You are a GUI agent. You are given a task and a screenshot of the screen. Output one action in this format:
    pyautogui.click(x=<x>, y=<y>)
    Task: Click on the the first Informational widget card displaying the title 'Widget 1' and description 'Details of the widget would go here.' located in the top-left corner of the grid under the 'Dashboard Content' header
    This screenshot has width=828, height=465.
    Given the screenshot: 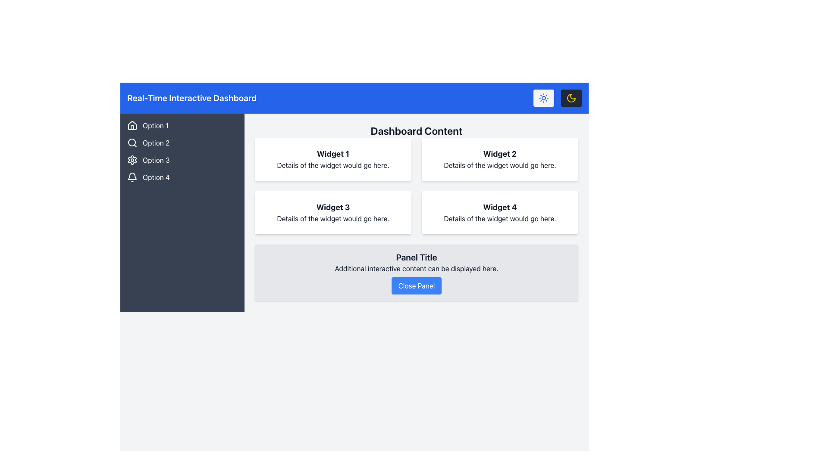 What is the action you would take?
    pyautogui.click(x=332, y=159)
    